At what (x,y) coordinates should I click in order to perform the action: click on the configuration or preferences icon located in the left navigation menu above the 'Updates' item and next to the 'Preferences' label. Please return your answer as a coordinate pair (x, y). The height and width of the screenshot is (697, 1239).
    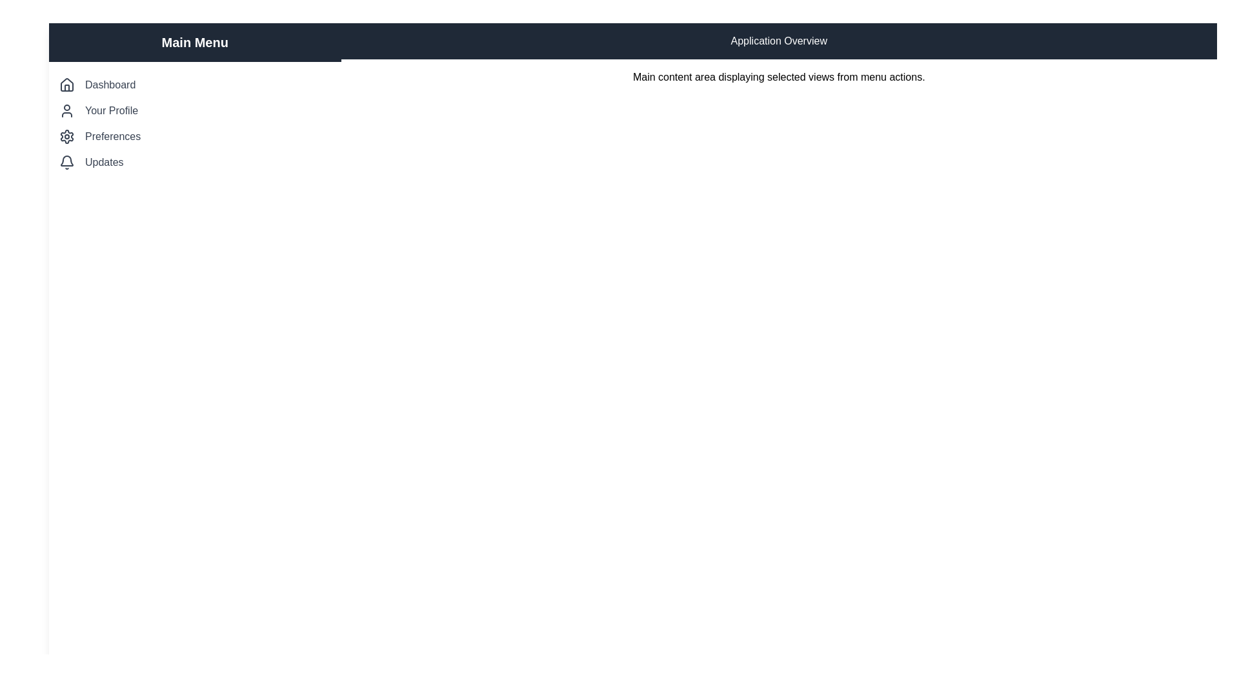
    Looking at the image, I should click on (66, 137).